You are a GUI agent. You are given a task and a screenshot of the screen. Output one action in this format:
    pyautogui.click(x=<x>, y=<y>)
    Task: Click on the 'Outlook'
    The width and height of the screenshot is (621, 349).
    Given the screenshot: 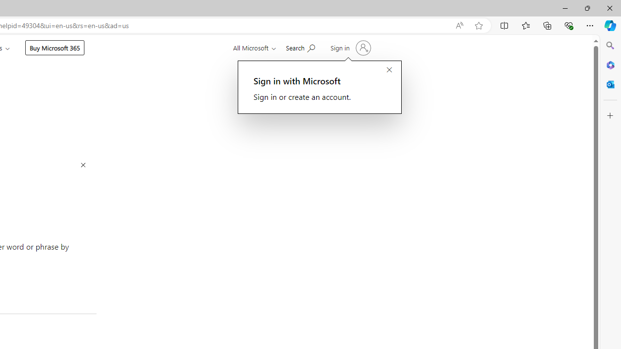 What is the action you would take?
    pyautogui.click(x=610, y=84)
    